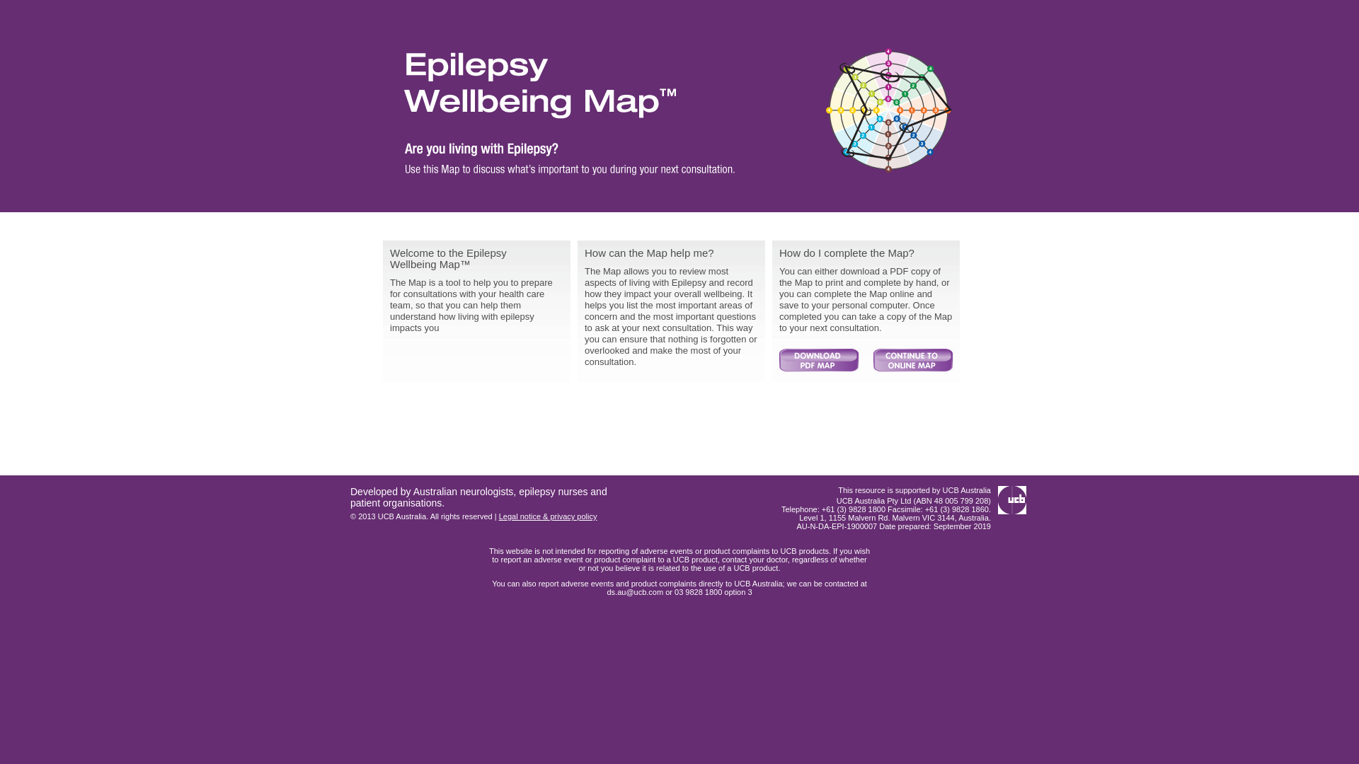 Image resolution: width=1359 pixels, height=764 pixels. What do you see at coordinates (913, 359) in the screenshot?
I see `'Continue'` at bounding box center [913, 359].